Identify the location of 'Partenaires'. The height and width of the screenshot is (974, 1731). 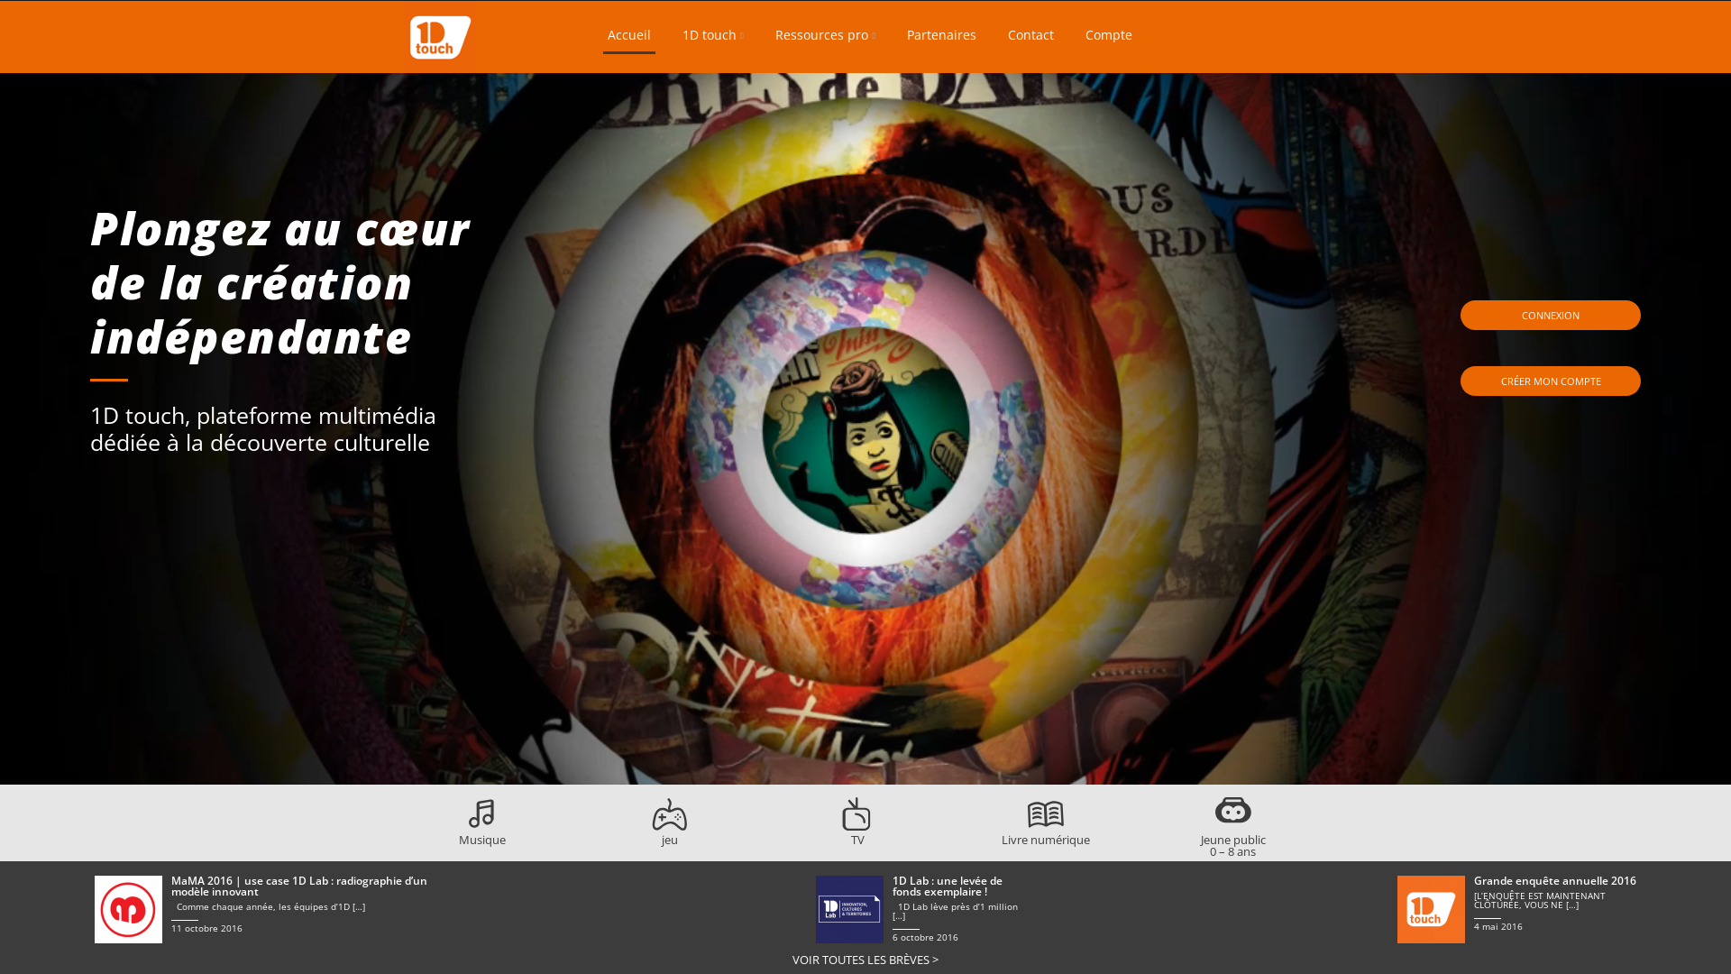
(940, 37).